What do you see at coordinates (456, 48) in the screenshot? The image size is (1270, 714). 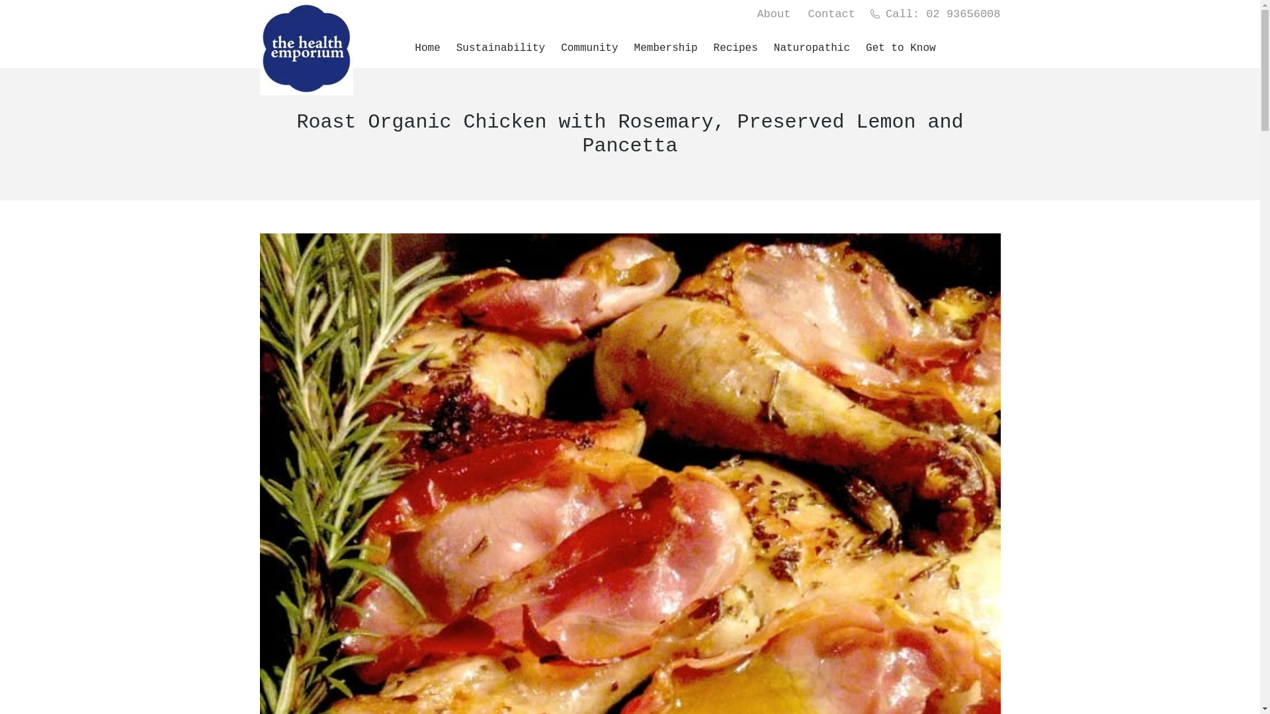 I see `'Sustainability'` at bounding box center [456, 48].